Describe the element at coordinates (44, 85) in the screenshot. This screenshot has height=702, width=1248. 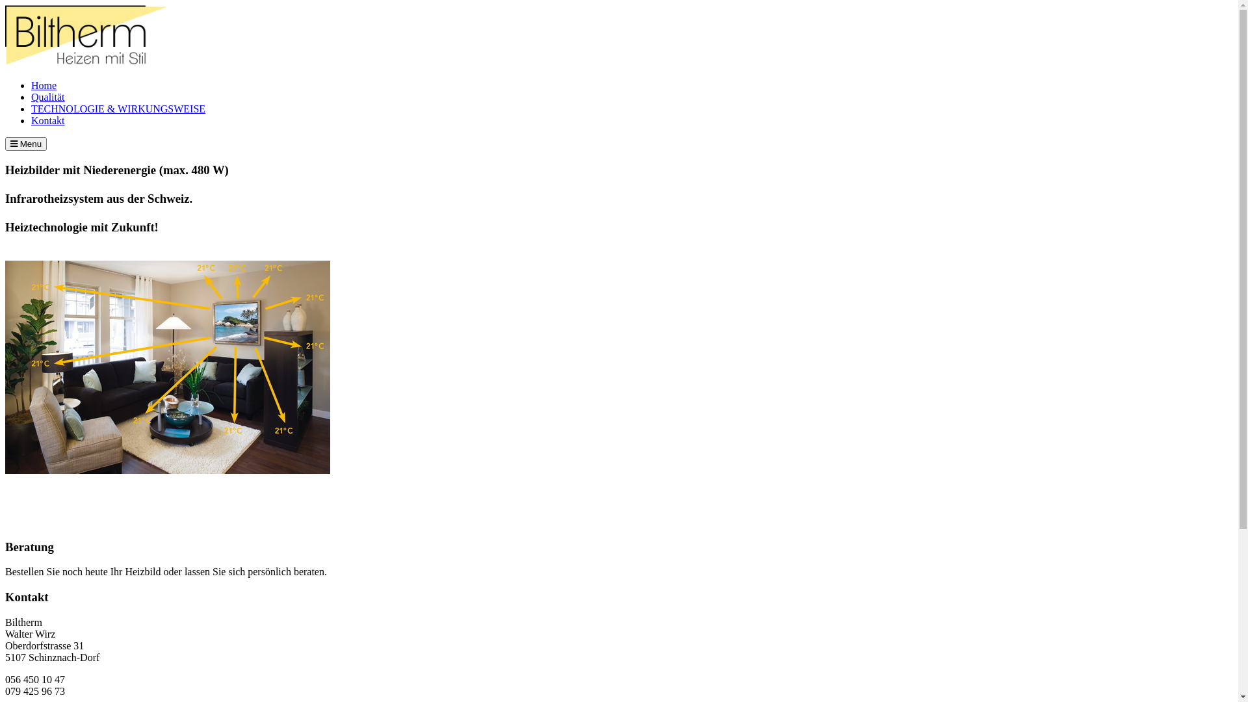
I see `'Home'` at that location.